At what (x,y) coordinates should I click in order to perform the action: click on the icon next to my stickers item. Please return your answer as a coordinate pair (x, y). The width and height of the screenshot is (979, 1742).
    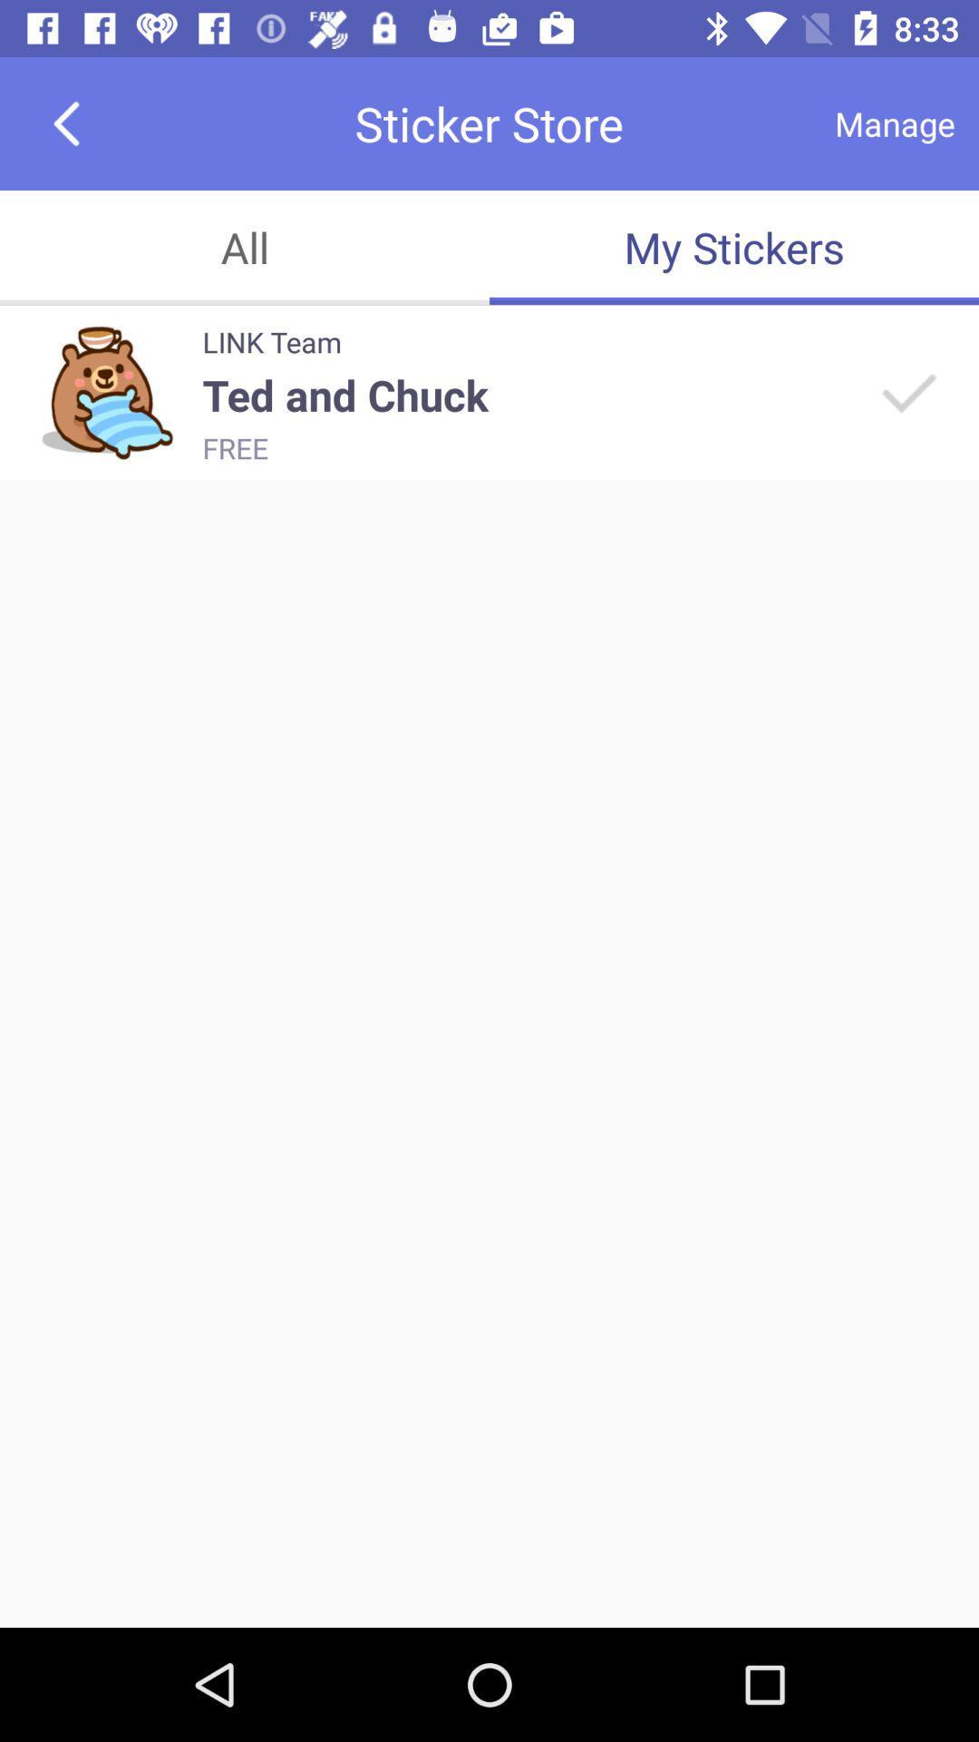
    Looking at the image, I should click on (245, 247).